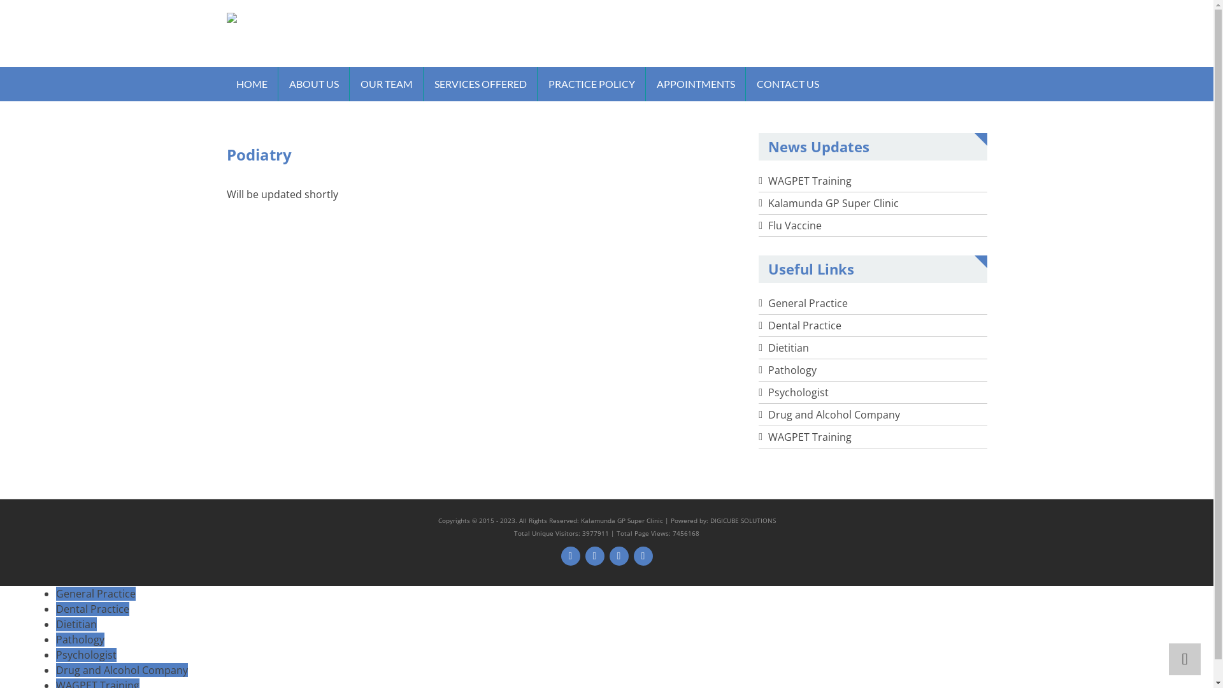 The height and width of the screenshot is (688, 1223). Describe the element at coordinates (787, 83) in the screenshot. I see `'CONTACT US'` at that location.